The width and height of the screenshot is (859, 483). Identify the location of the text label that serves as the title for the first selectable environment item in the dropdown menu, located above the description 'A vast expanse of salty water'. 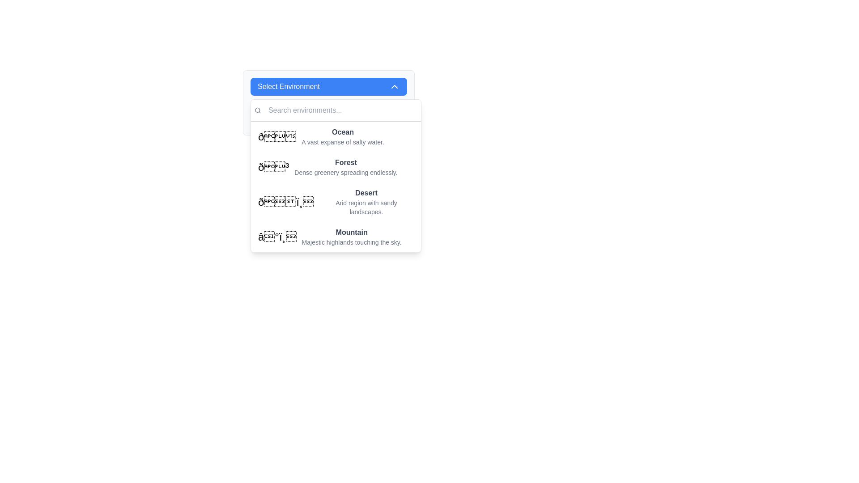
(342, 132).